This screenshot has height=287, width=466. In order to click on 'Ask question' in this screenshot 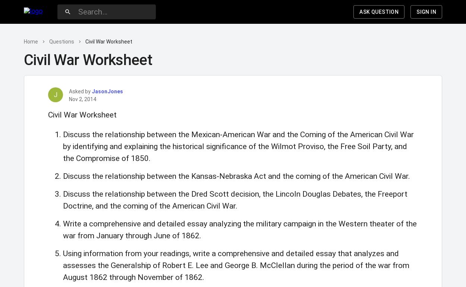, I will do `click(379, 12)`.